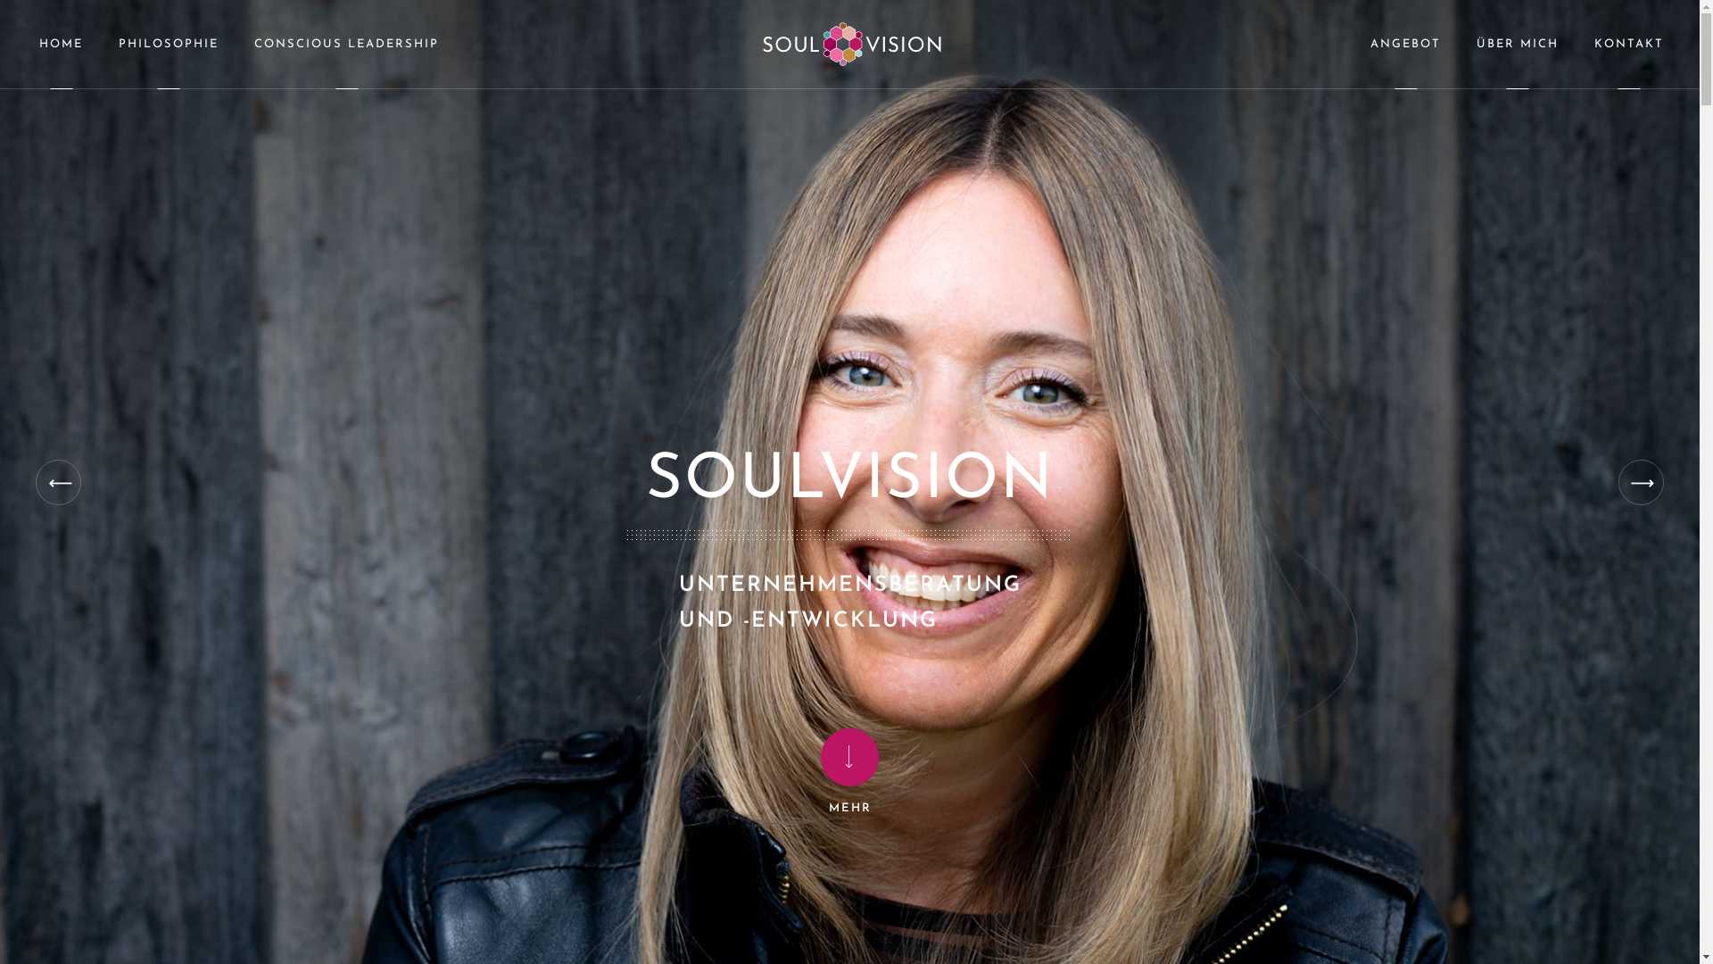 The height and width of the screenshot is (964, 1713). I want to click on 'PHILOSOPHIE', so click(100, 43).